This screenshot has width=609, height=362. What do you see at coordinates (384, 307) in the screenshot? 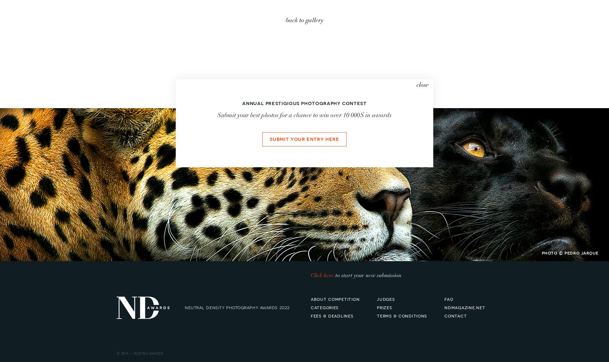
I see `'prizes'` at bounding box center [384, 307].